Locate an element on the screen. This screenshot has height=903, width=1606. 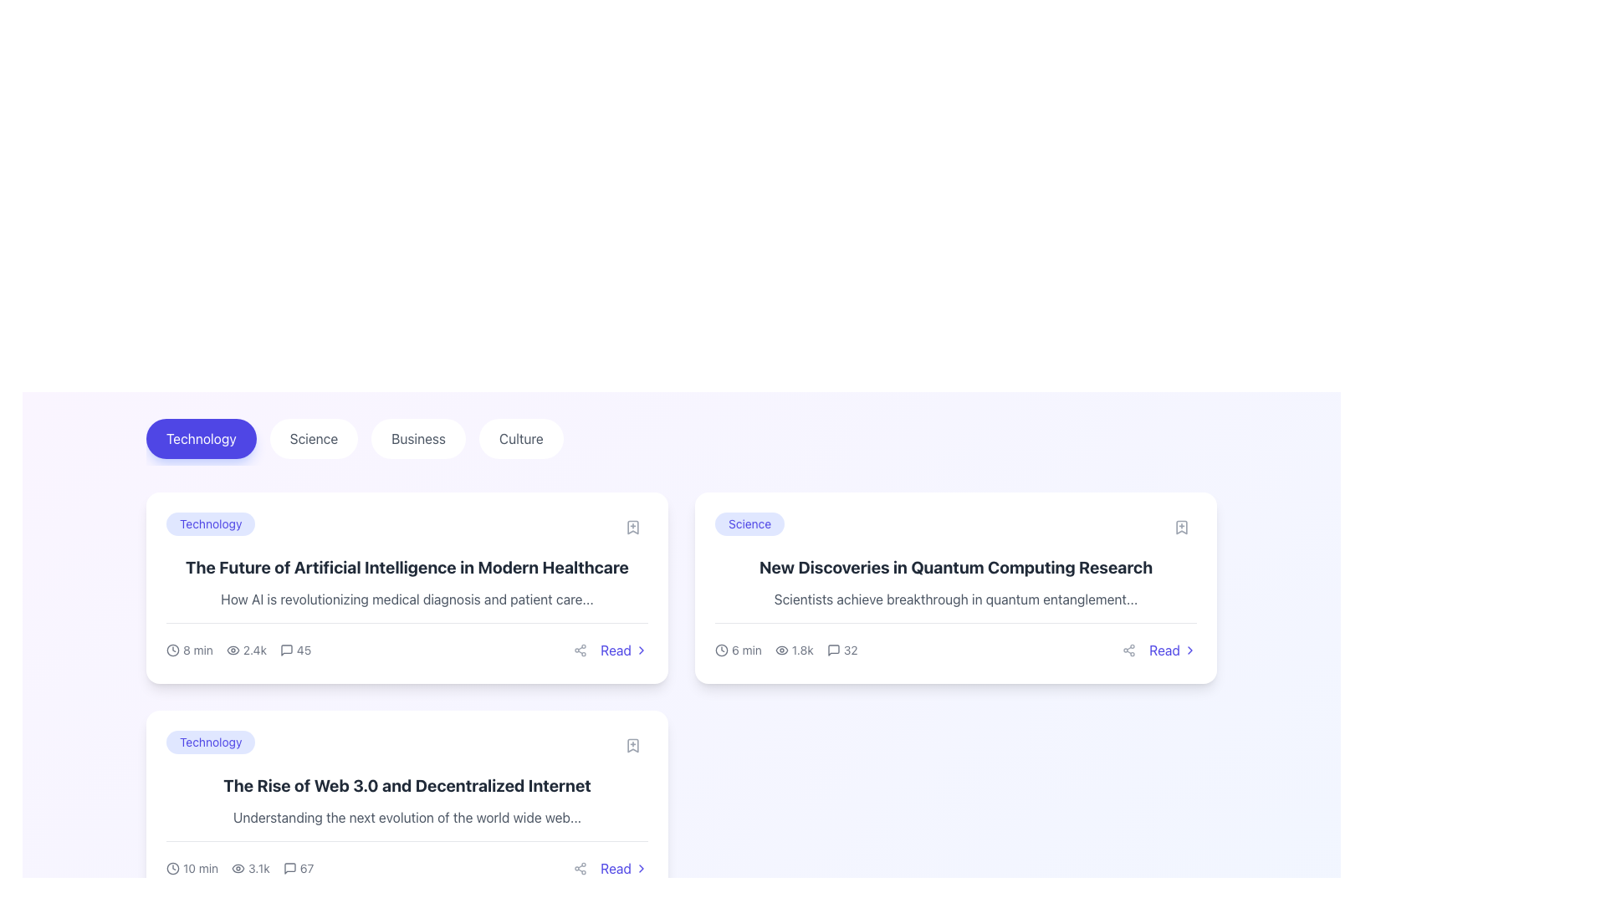
the speech bubble icon located in the lower-left region of the article summary block to initiate related actions is located at coordinates (286, 650).